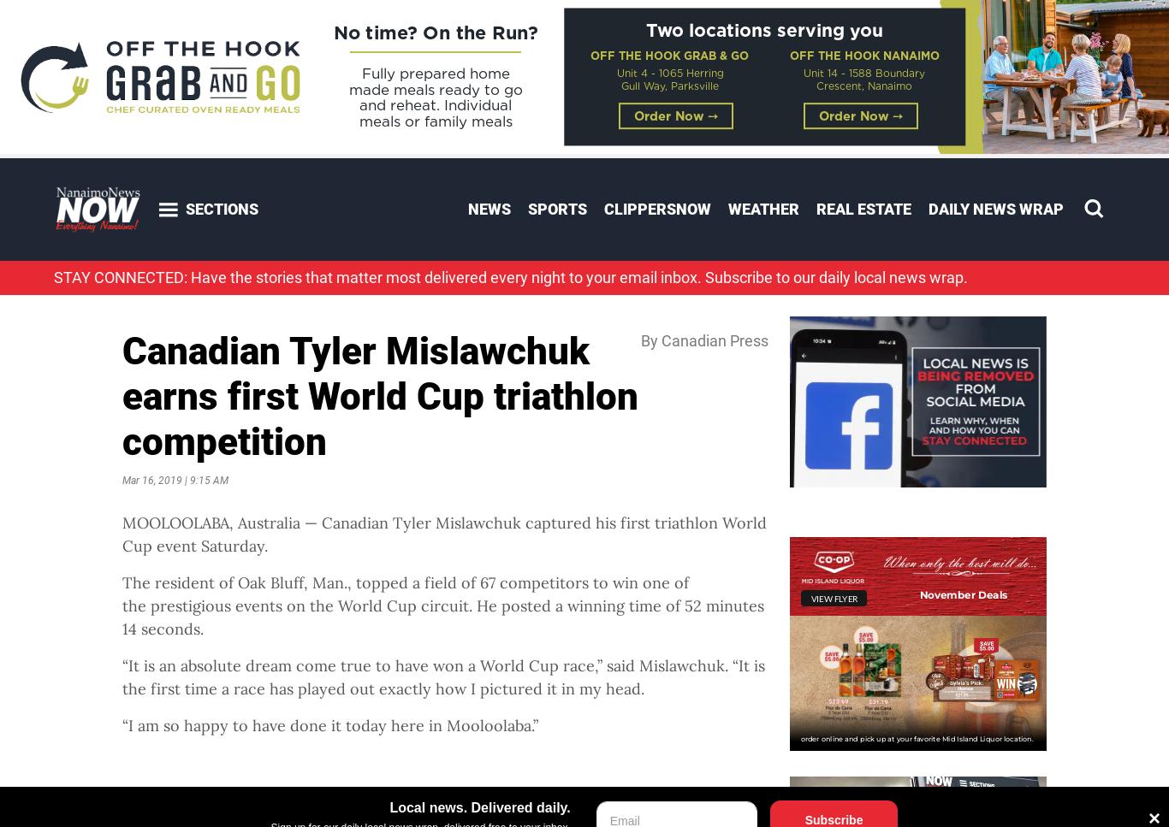 This screenshot has height=827, width=1169. I want to click on 'Canadian Tyler Mislawchuk earns first World Cup triathlon competition', so click(379, 396).